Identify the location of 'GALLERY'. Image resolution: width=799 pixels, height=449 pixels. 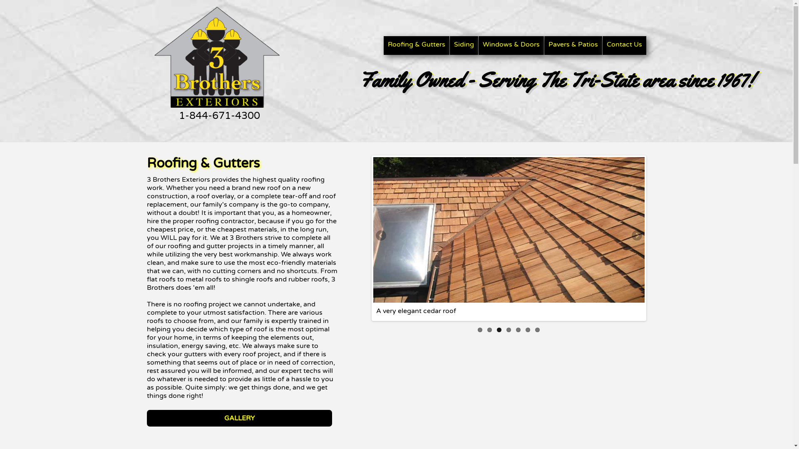
(238, 418).